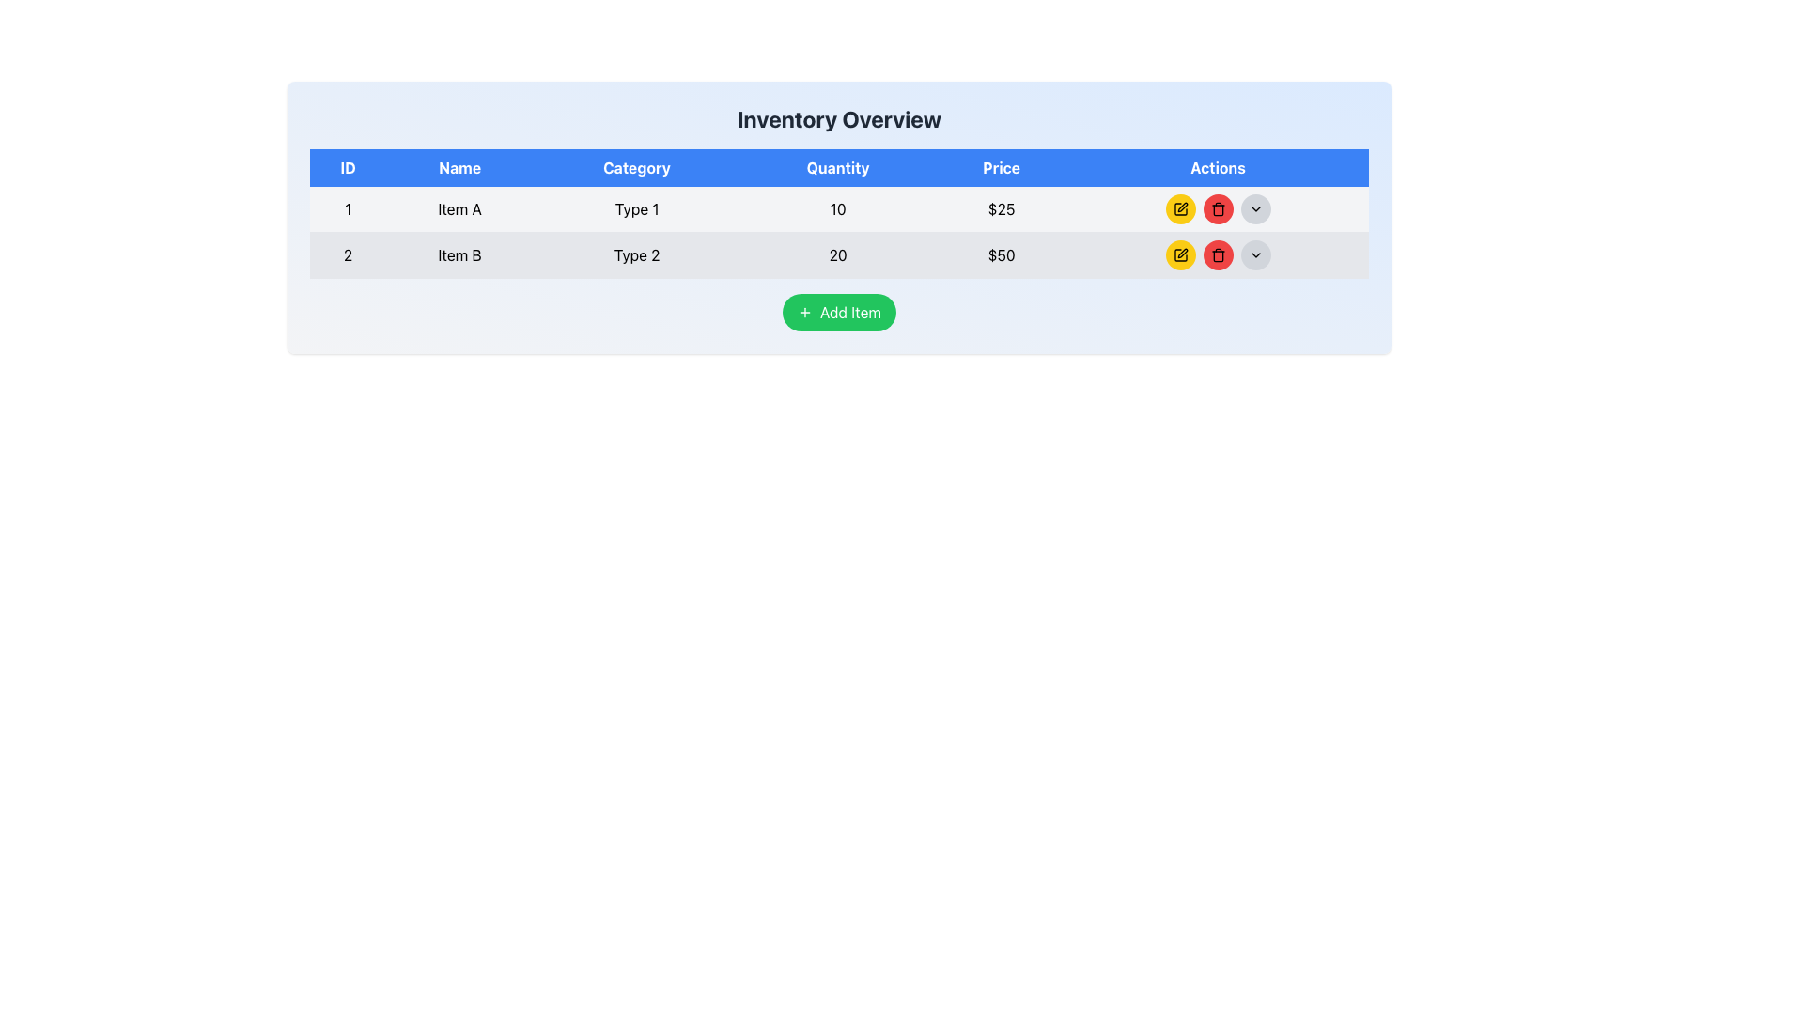 The image size is (1804, 1014). I want to click on the Dropdown button located in the last column of the second row of the table under the 'Actions' header, so click(1254, 255).